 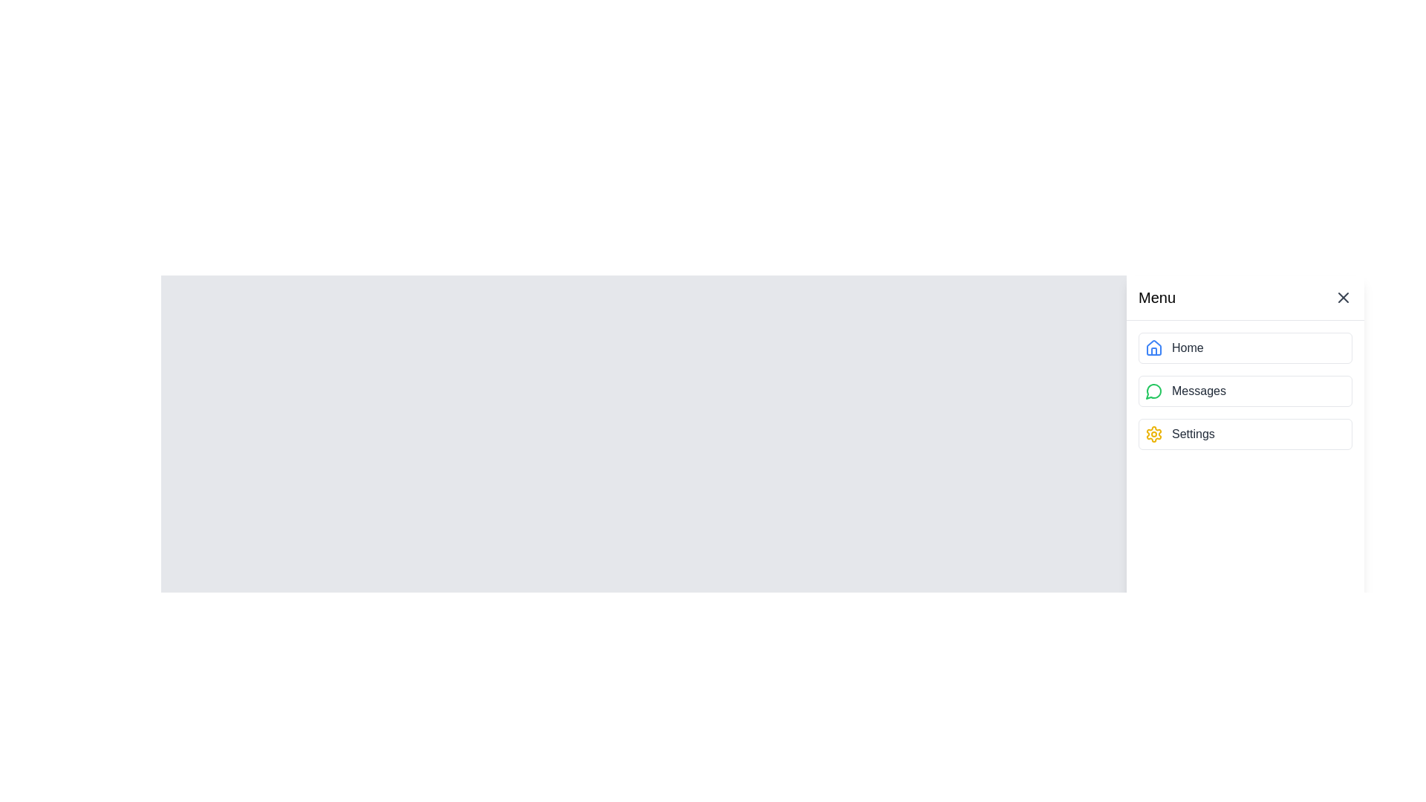 What do you see at coordinates (1344, 298) in the screenshot?
I see `the close button represented by an 'X' icon in the top-right corner of the sidebar menu to hide or dismiss the menu` at bounding box center [1344, 298].